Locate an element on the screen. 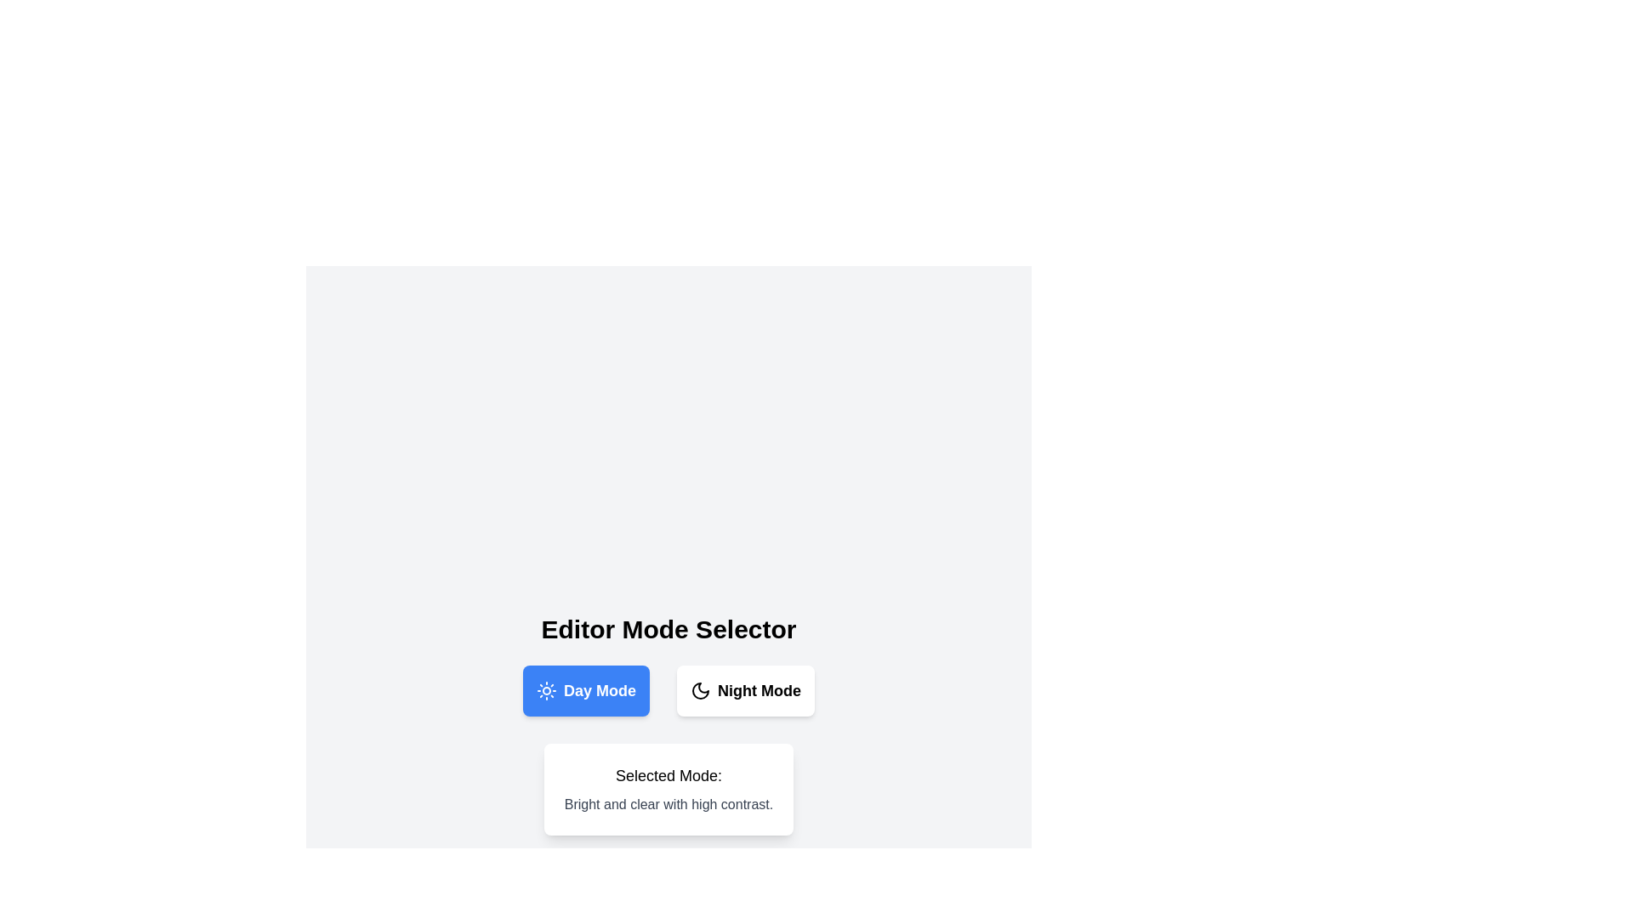 The image size is (1633, 918). the 'Night Mode' button to switch to Night Mode is located at coordinates (746, 691).